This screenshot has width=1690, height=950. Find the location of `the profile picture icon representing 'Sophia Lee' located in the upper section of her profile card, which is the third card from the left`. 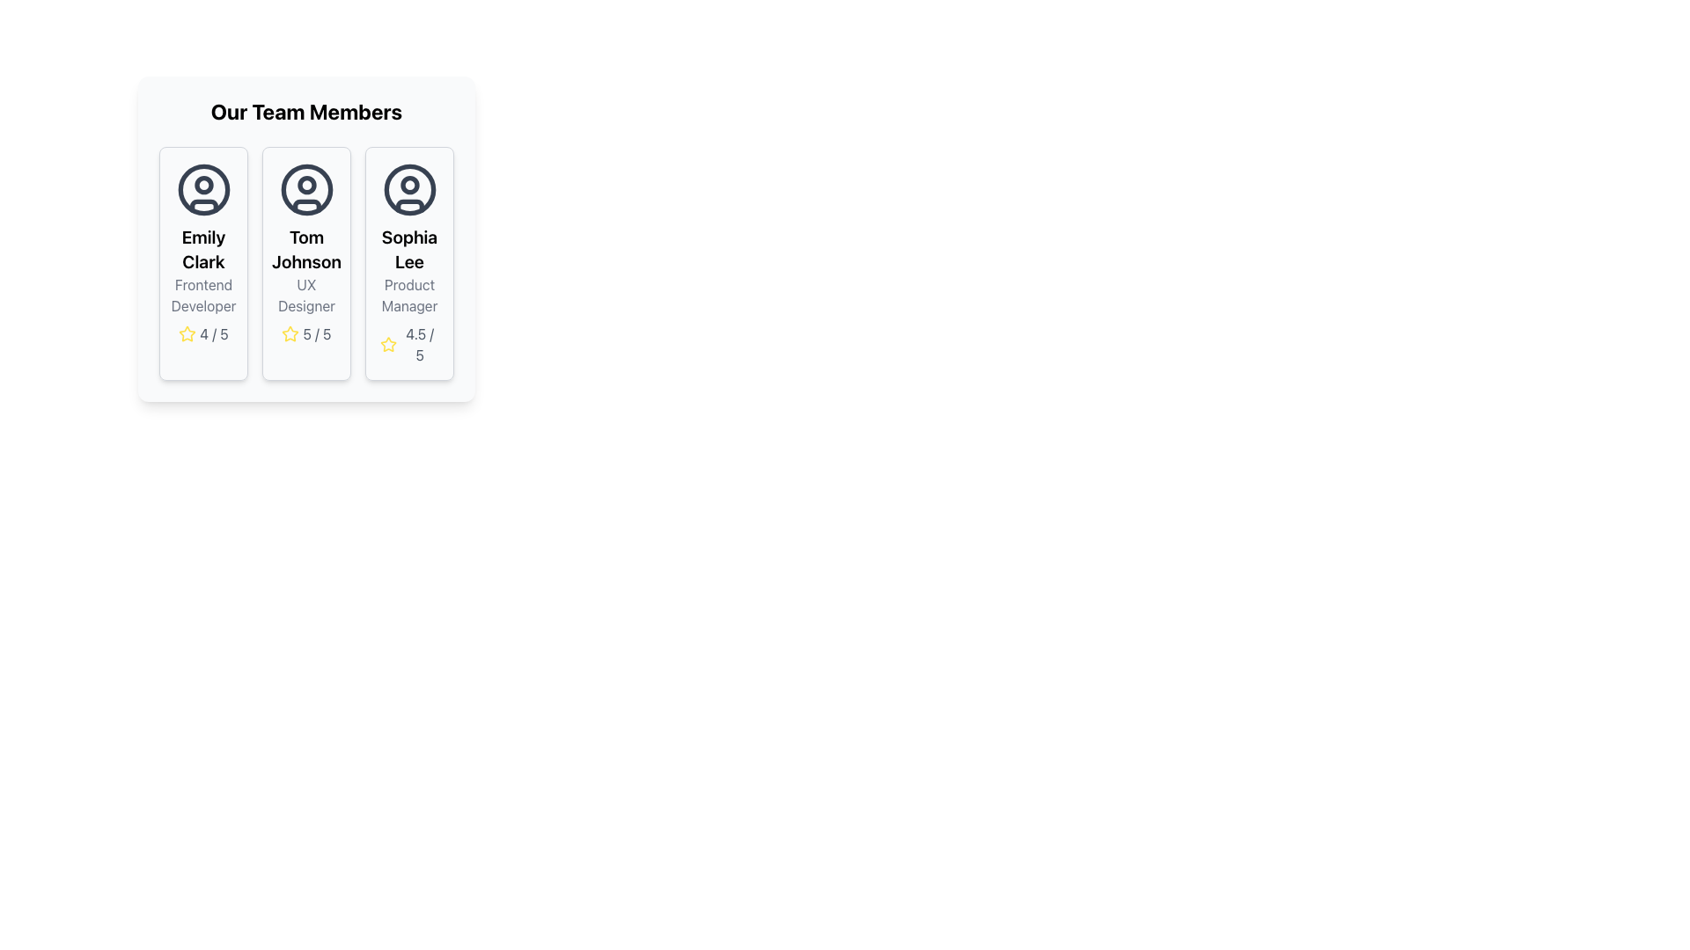

the profile picture icon representing 'Sophia Lee' located in the upper section of her profile card, which is the third card from the left is located at coordinates (408, 190).